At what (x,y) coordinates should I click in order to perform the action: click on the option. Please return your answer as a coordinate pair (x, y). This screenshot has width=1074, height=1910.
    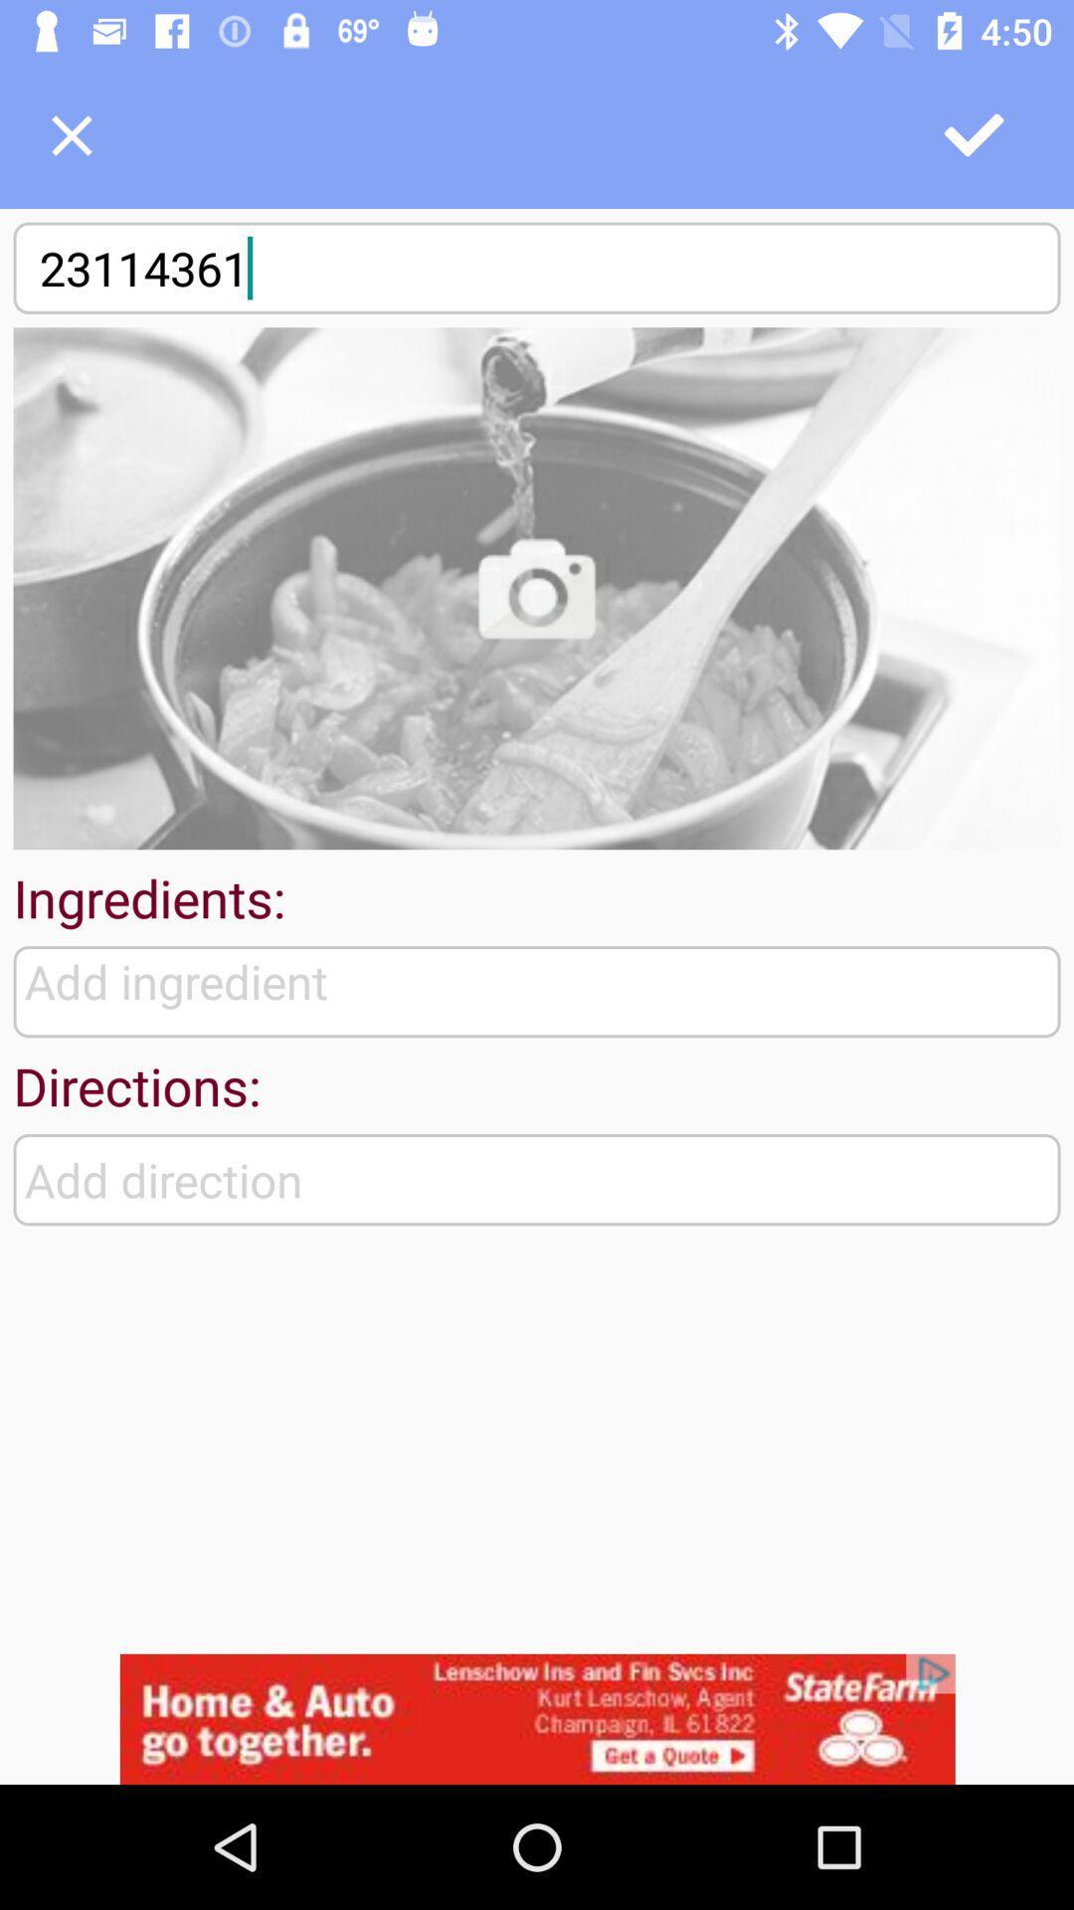
    Looking at the image, I should click on (537, 1718).